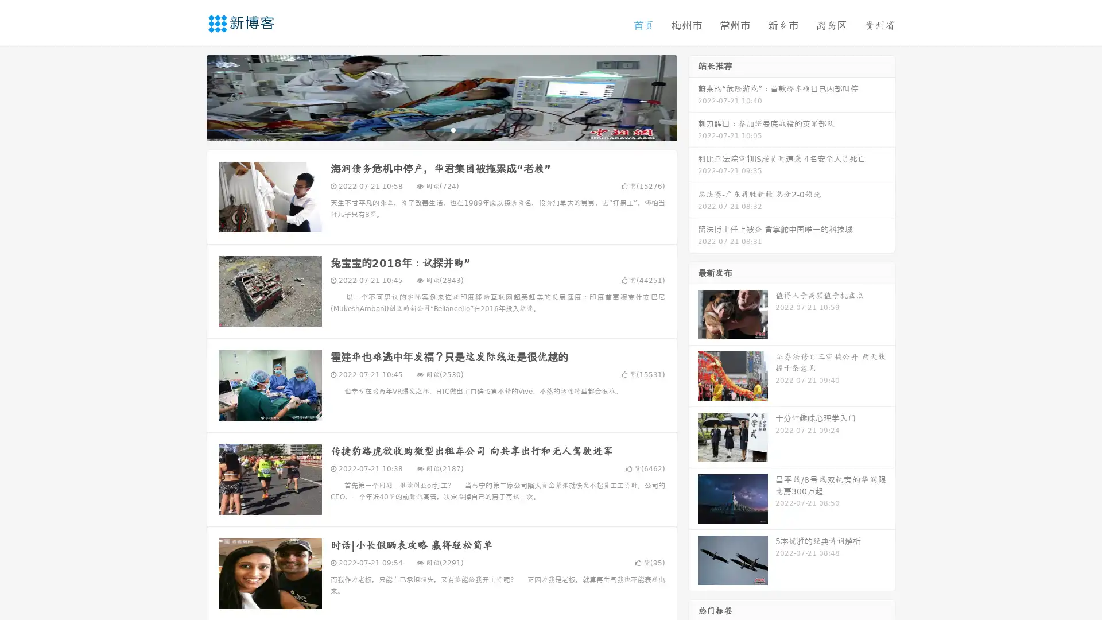 The image size is (1102, 620). What do you see at coordinates (441, 129) in the screenshot?
I see `Go to slide 2` at bounding box center [441, 129].